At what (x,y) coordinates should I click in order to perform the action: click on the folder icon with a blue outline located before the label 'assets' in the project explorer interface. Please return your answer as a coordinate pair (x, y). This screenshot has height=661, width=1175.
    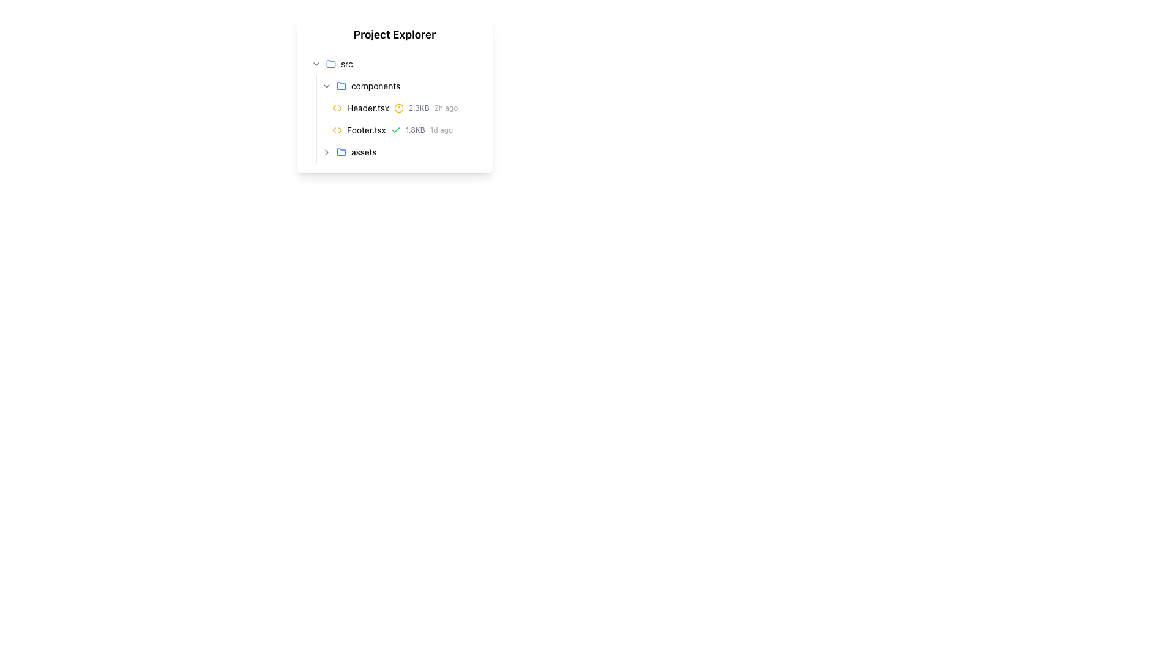
    Looking at the image, I should click on (341, 152).